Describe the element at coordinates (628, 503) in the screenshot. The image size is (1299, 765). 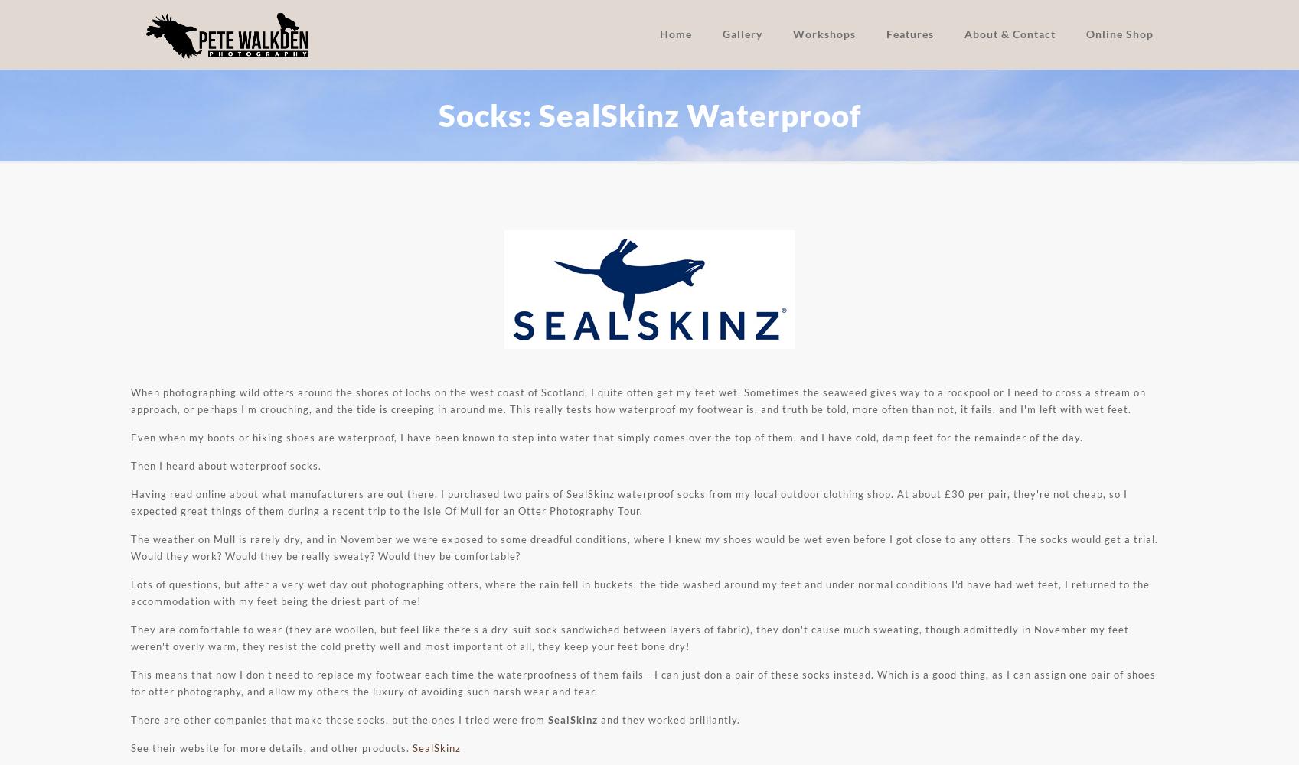
I see `'Having read online about what manufacturers are out there, I purchased two pairs of SealSkinz waterproof socks from my local outdoor clothing shop. At about £30 per pair, they're not cheap, so I expected great things of them during a recent trip to the Isle Of Mull for an Otter Photography Tour.'` at that location.